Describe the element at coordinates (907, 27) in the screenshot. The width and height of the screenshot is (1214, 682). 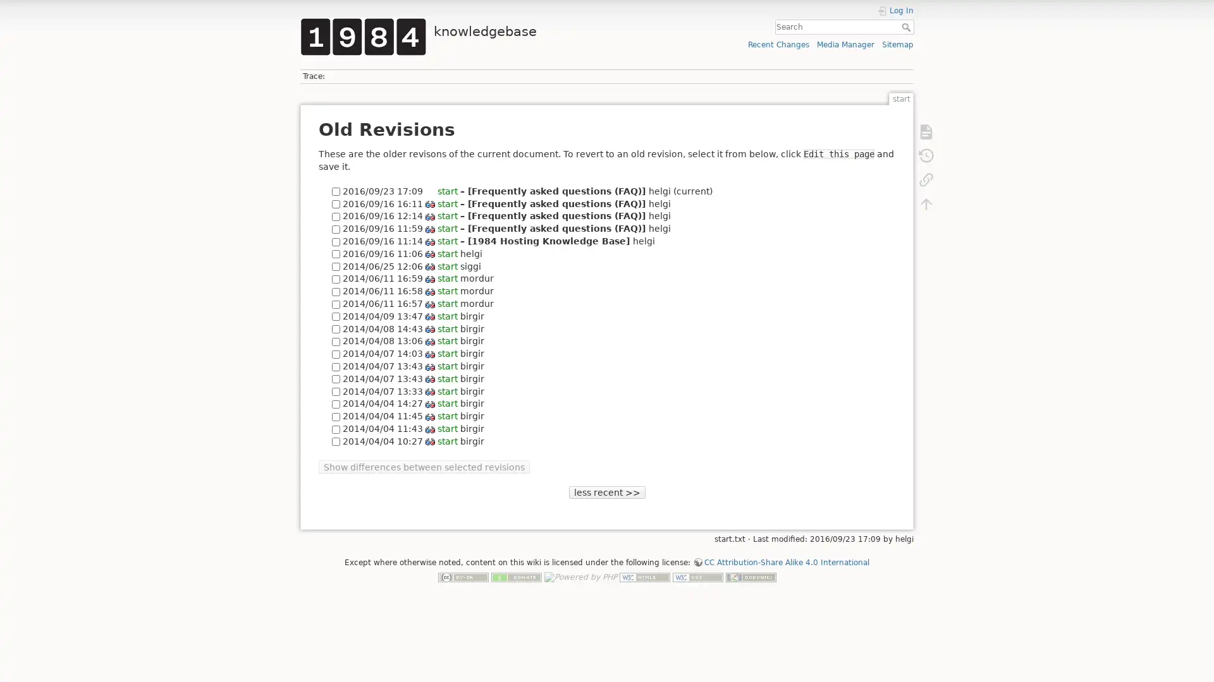
I see `Search` at that location.